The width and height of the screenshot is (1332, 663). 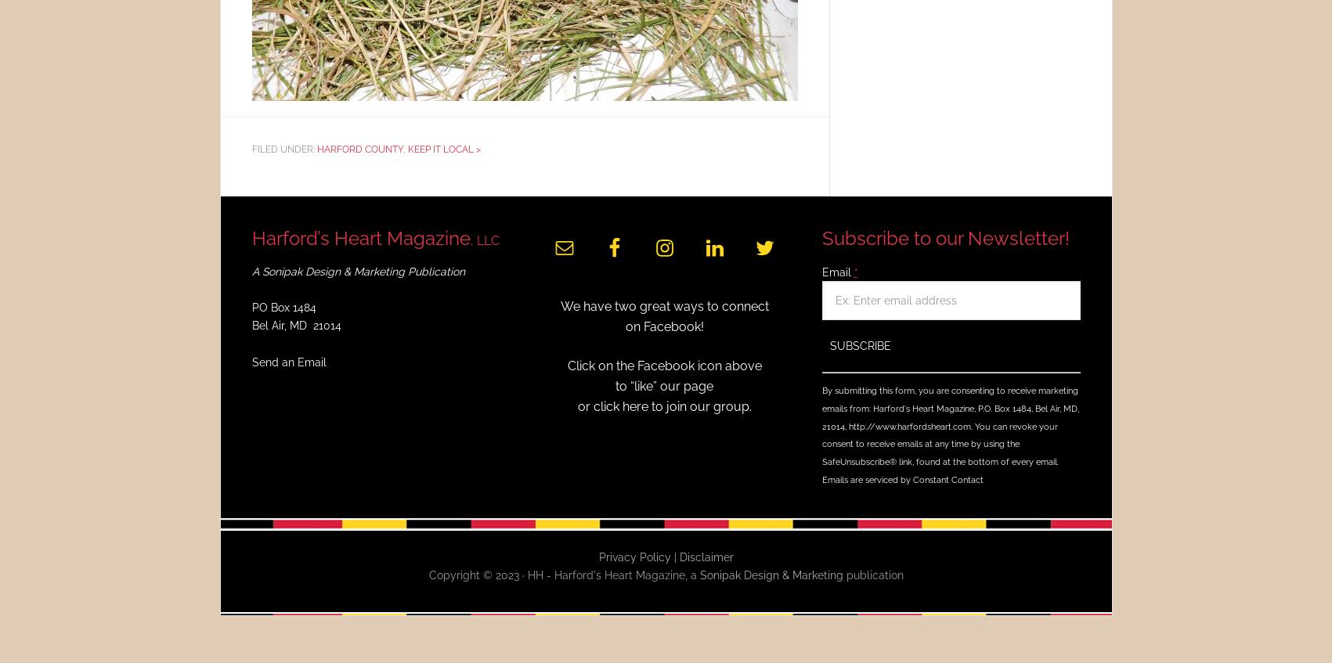 I want to click on 'click here', so click(x=619, y=405).